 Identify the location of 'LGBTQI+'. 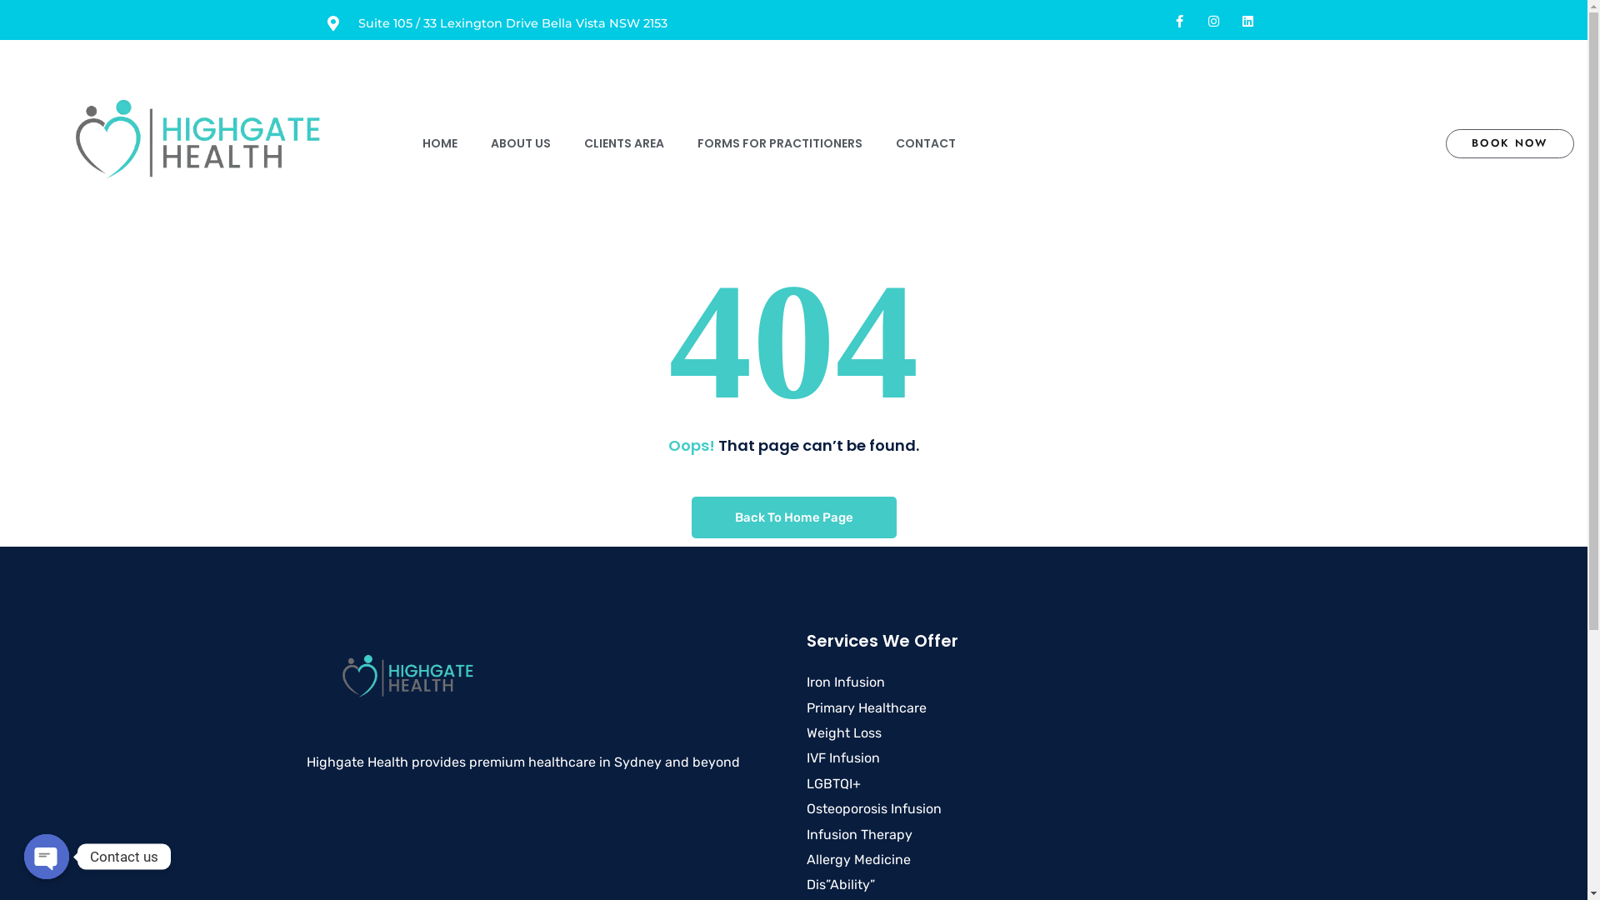
(833, 783).